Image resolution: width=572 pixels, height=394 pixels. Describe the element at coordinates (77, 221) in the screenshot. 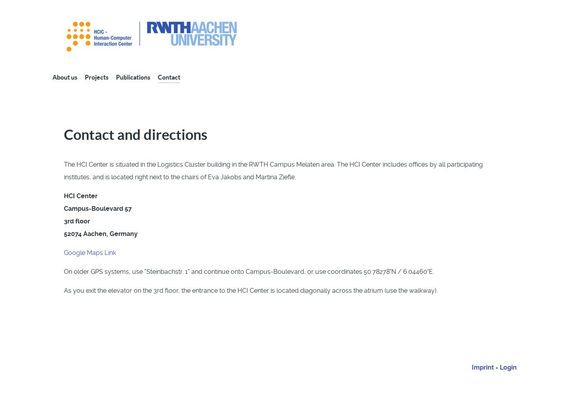

I see `'3rd floor'` at that location.